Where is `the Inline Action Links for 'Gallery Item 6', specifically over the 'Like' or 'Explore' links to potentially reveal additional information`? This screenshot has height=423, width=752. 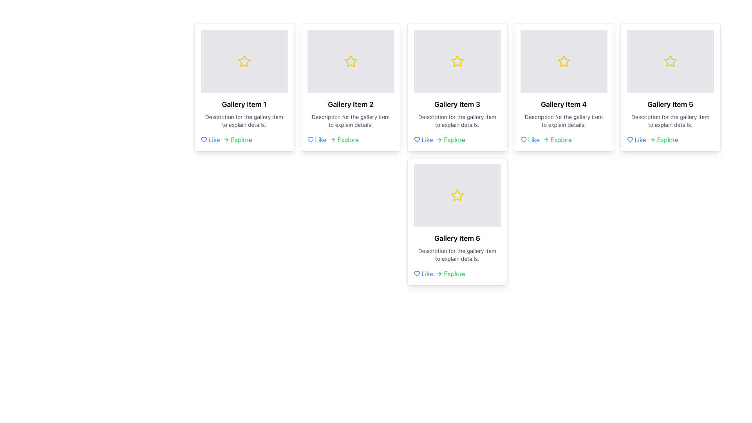 the Inline Action Links for 'Gallery Item 6', specifically over the 'Like' or 'Explore' links to potentially reveal additional information is located at coordinates (457, 273).